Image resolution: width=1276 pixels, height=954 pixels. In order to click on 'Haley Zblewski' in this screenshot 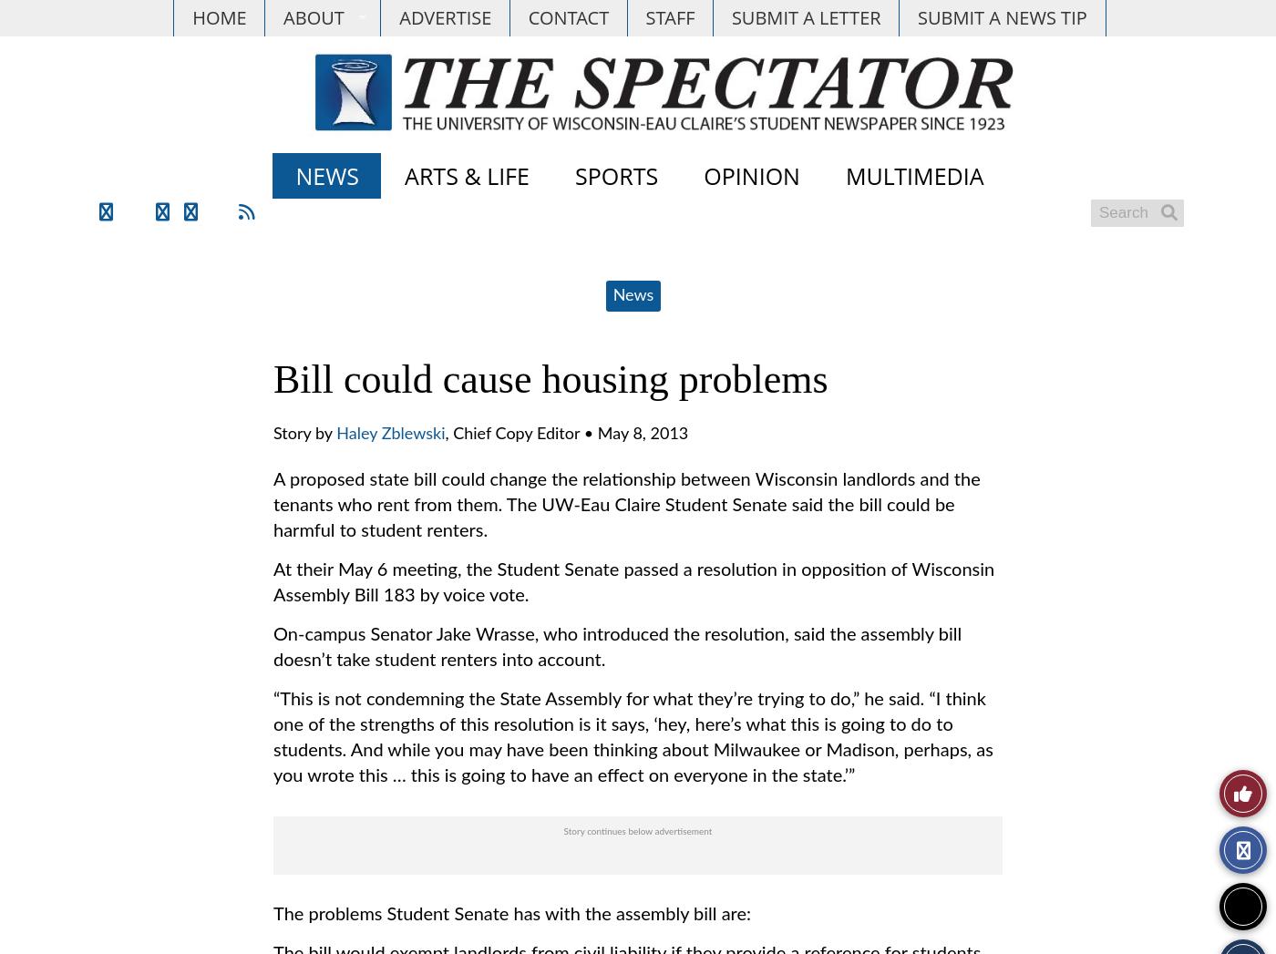, I will do `click(390, 434)`.